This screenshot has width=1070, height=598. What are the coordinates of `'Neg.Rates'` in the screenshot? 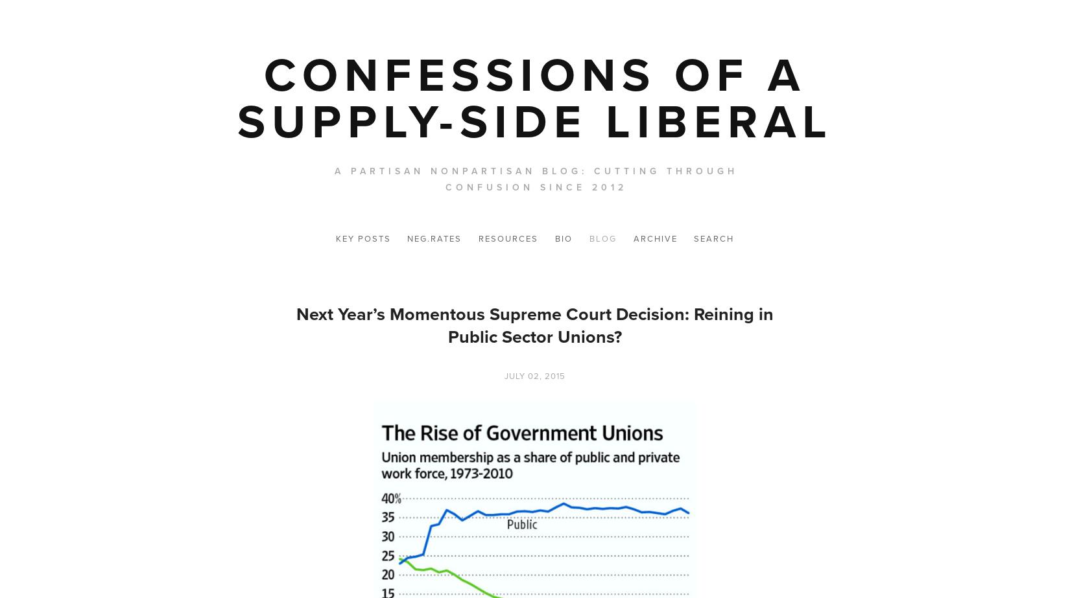 It's located at (434, 238).